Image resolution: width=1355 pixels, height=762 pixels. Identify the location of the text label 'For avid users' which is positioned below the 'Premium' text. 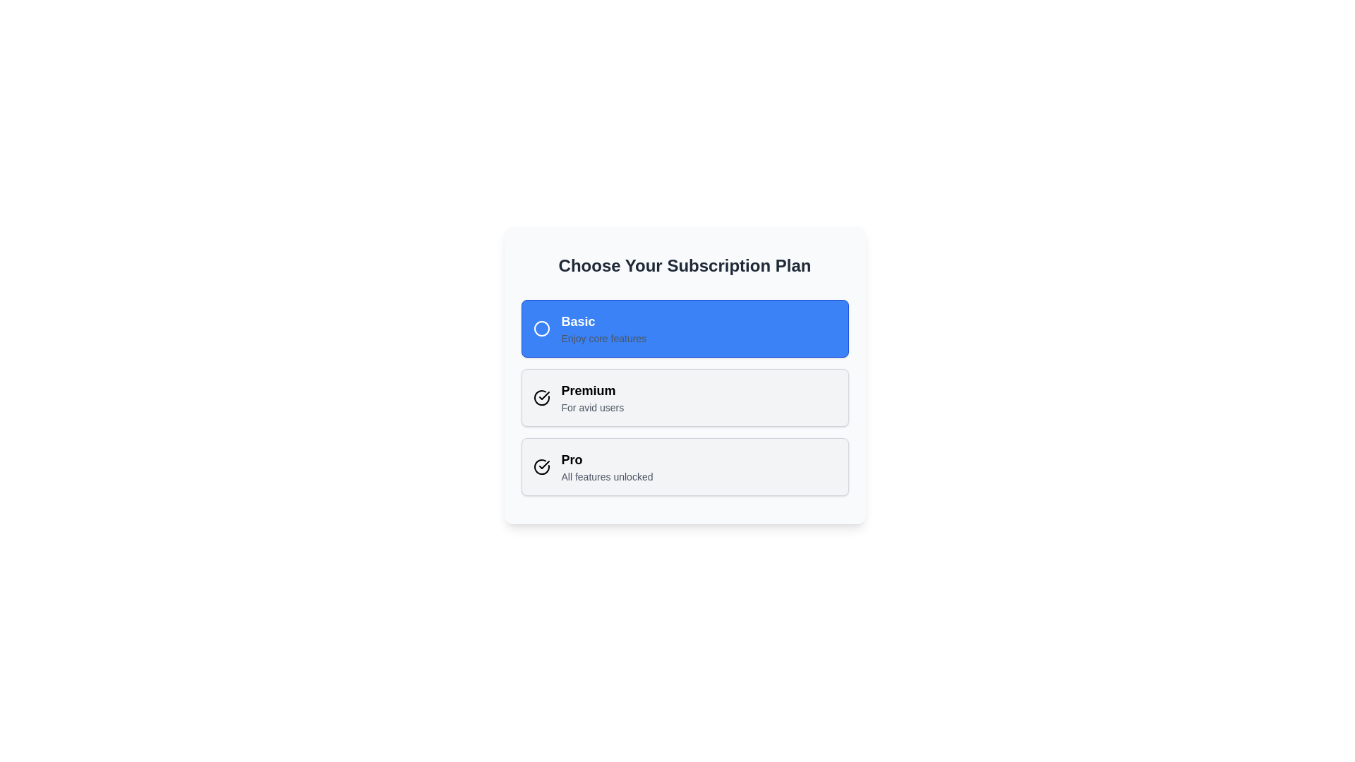
(592, 408).